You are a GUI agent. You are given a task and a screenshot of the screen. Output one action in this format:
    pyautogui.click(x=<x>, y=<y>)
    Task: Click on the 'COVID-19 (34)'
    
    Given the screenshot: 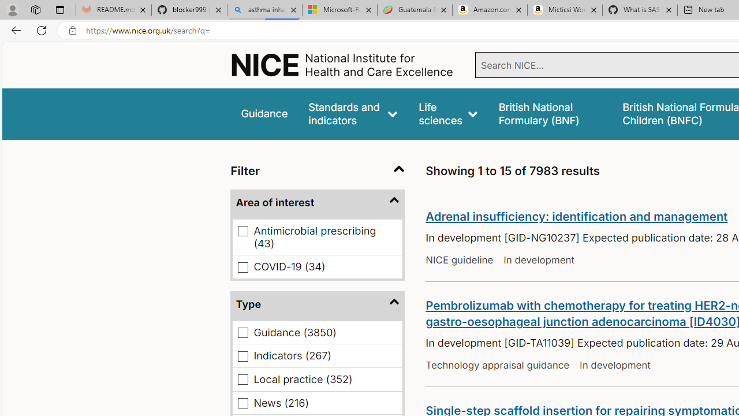 What is the action you would take?
    pyautogui.click(x=242, y=267)
    